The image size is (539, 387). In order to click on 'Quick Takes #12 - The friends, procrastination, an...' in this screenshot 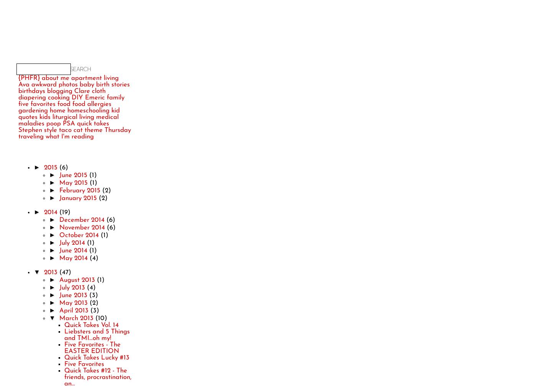, I will do `click(97, 377)`.